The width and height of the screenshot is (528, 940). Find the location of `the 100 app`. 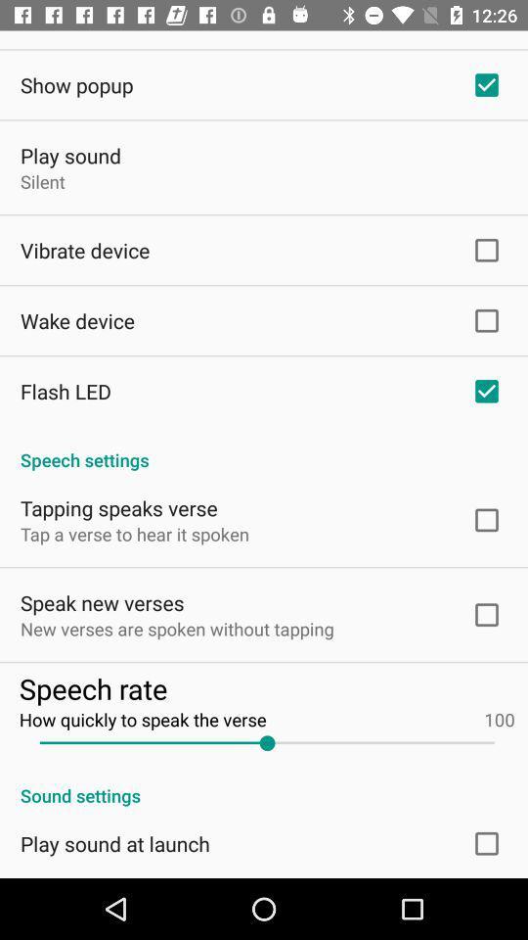

the 100 app is located at coordinates (500, 718).